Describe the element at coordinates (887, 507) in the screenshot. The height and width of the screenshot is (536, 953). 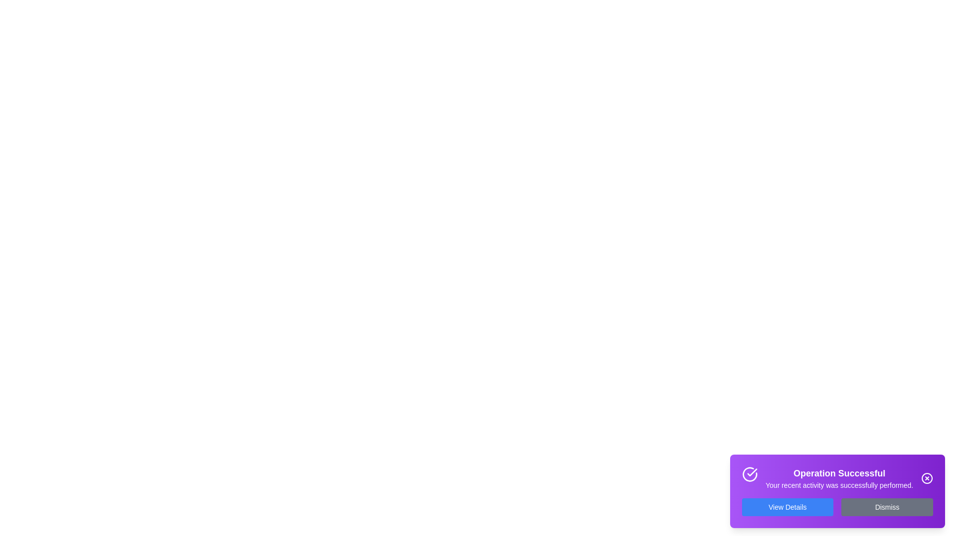
I see `the 'Dismiss' button to hide the alert` at that location.